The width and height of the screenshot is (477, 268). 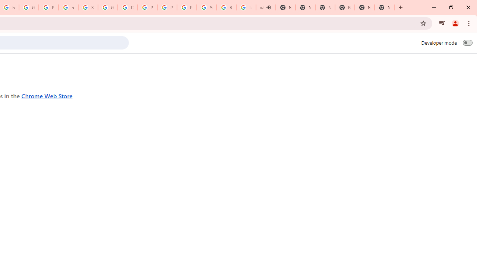 I want to click on 'New Tab', so click(x=384, y=7).